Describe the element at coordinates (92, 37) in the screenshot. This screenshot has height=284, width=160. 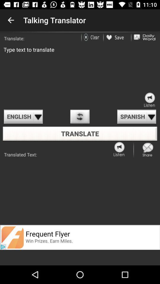
I see `clear the article` at that location.